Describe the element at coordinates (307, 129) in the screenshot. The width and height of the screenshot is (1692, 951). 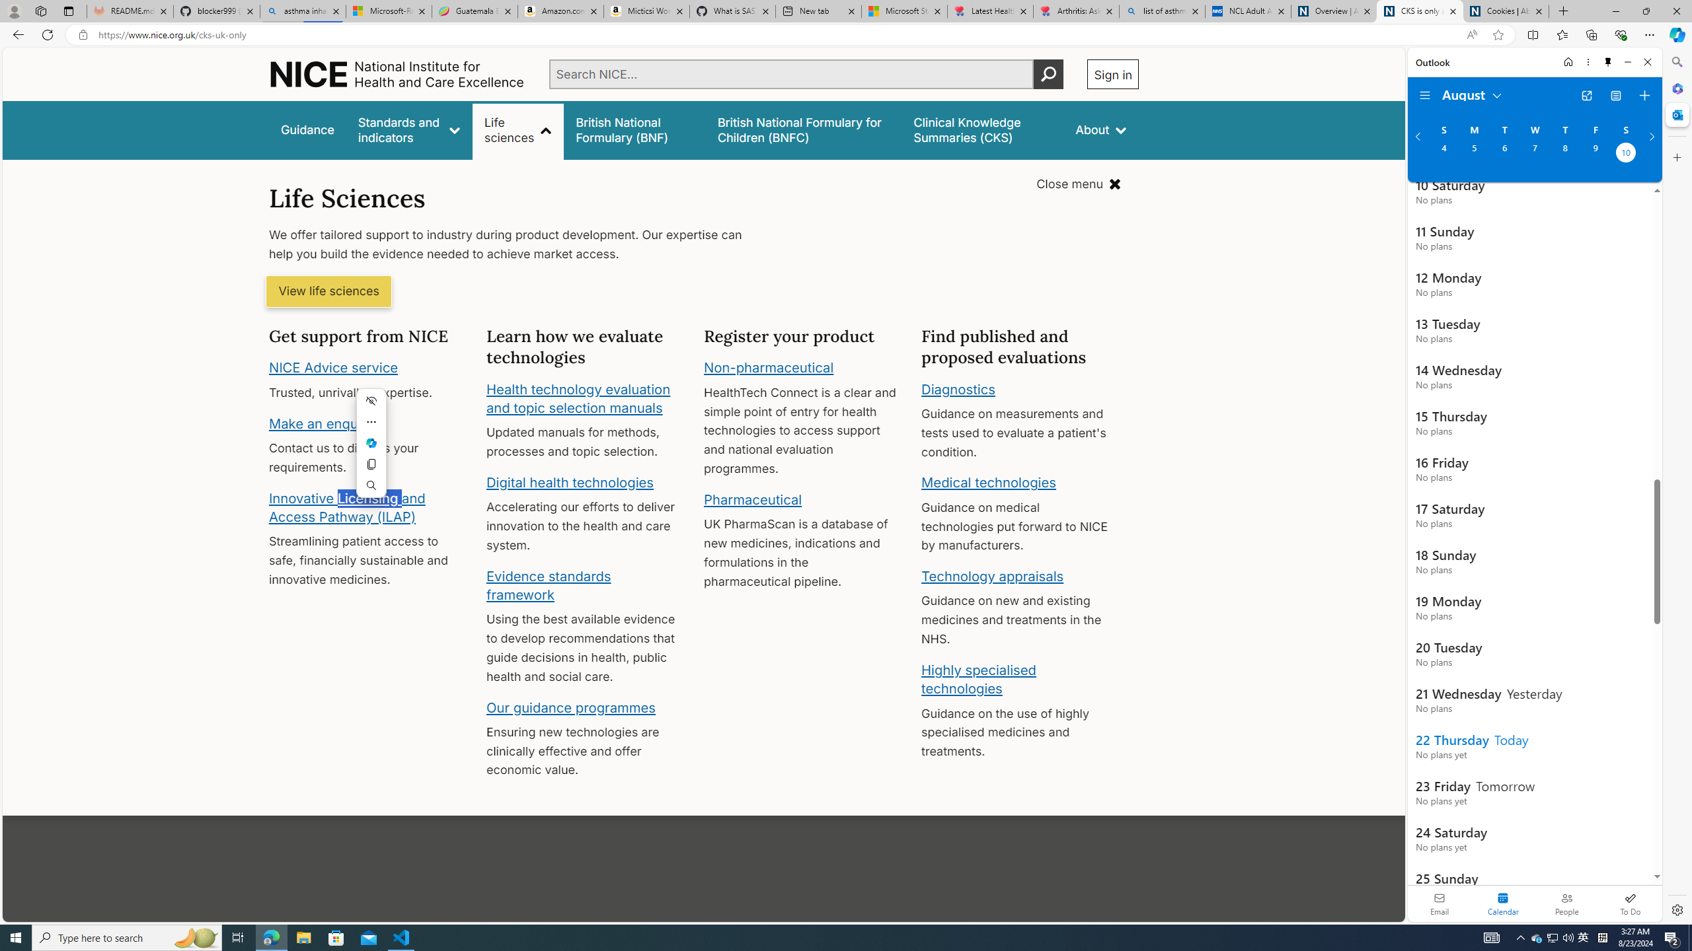
I see `'Guidance'` at that location.